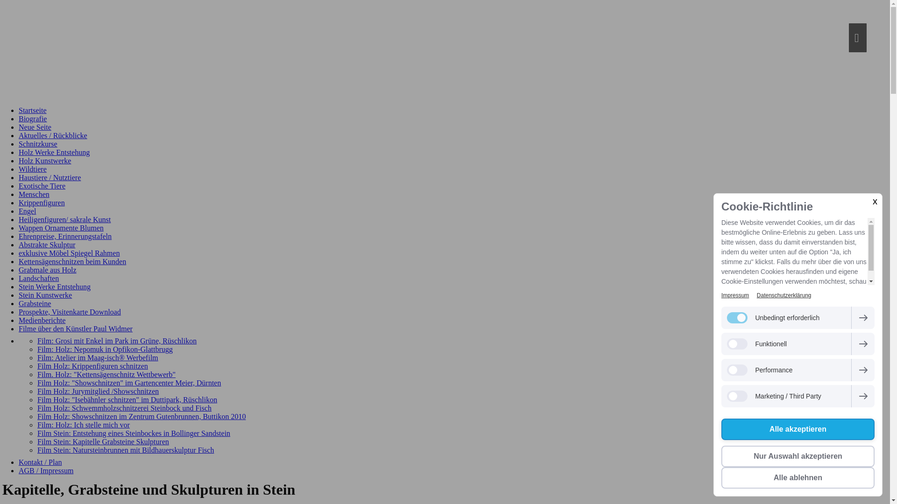  I want to click on 'Film Stein: Kapitelle Grabsteine Skulpturen', so click(103, 441).